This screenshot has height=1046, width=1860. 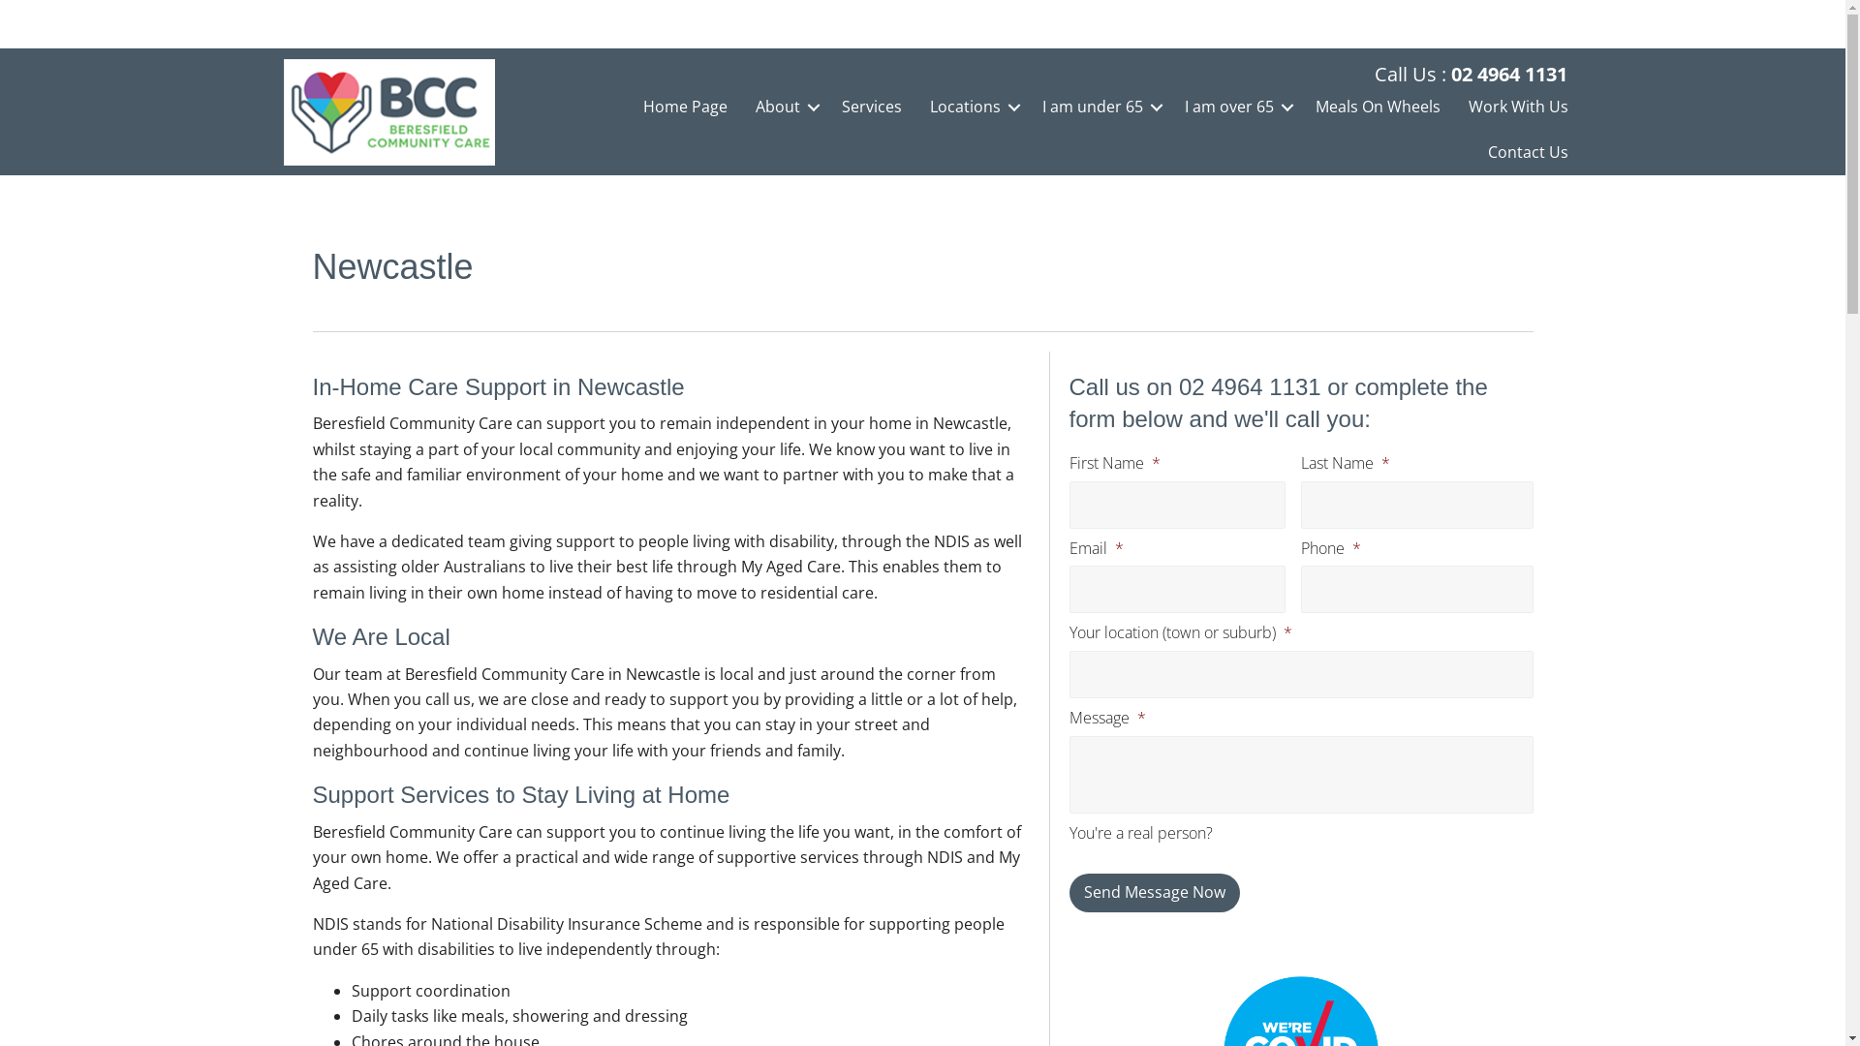 I want to click on 'Home Page', so click(x=685, y=107).